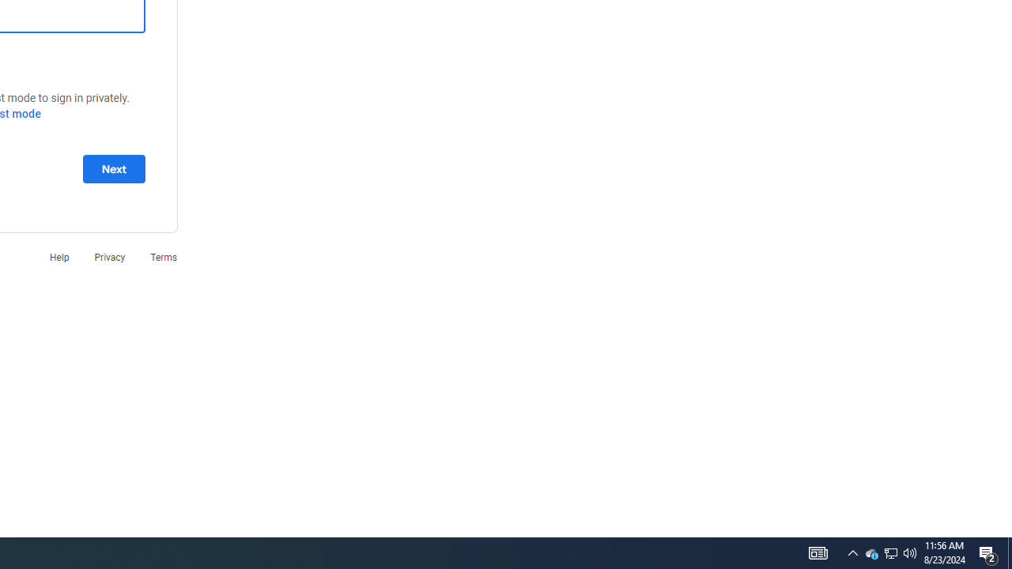 This screenshot has height=569, width=1012. What do you see at coordinates (113, 168) in the screenshot?
I see `'Next'` at bounding box center [113, 168].